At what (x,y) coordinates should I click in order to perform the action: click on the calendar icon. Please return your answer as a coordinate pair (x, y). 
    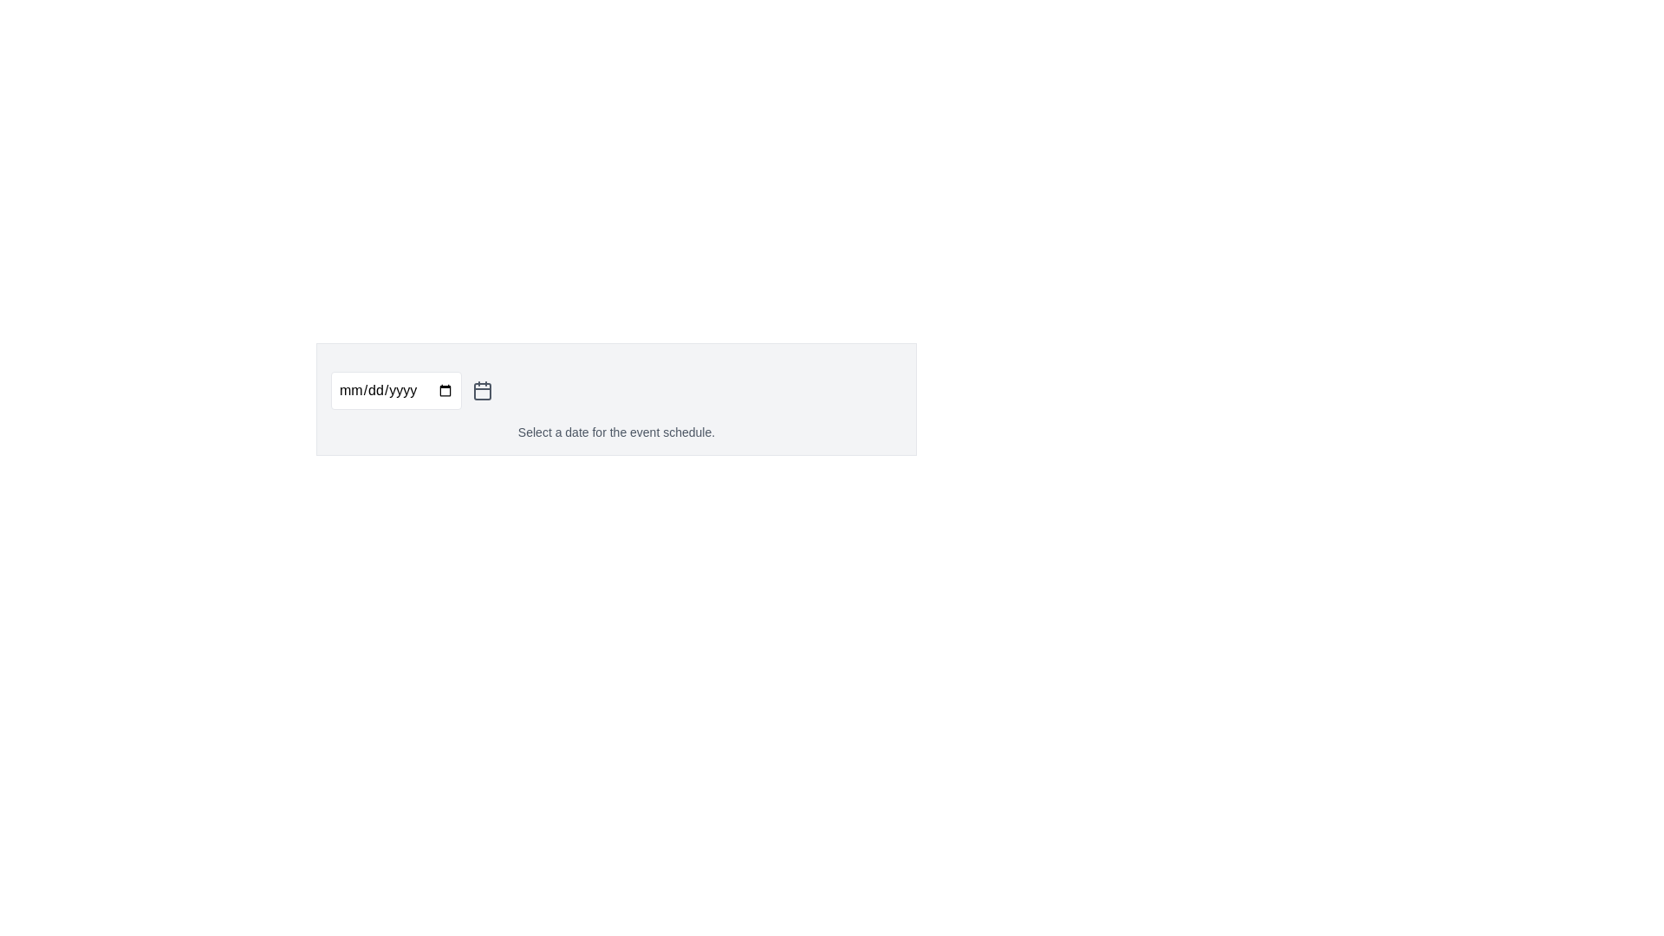
    Looking at the image, I should click on (482, 391).